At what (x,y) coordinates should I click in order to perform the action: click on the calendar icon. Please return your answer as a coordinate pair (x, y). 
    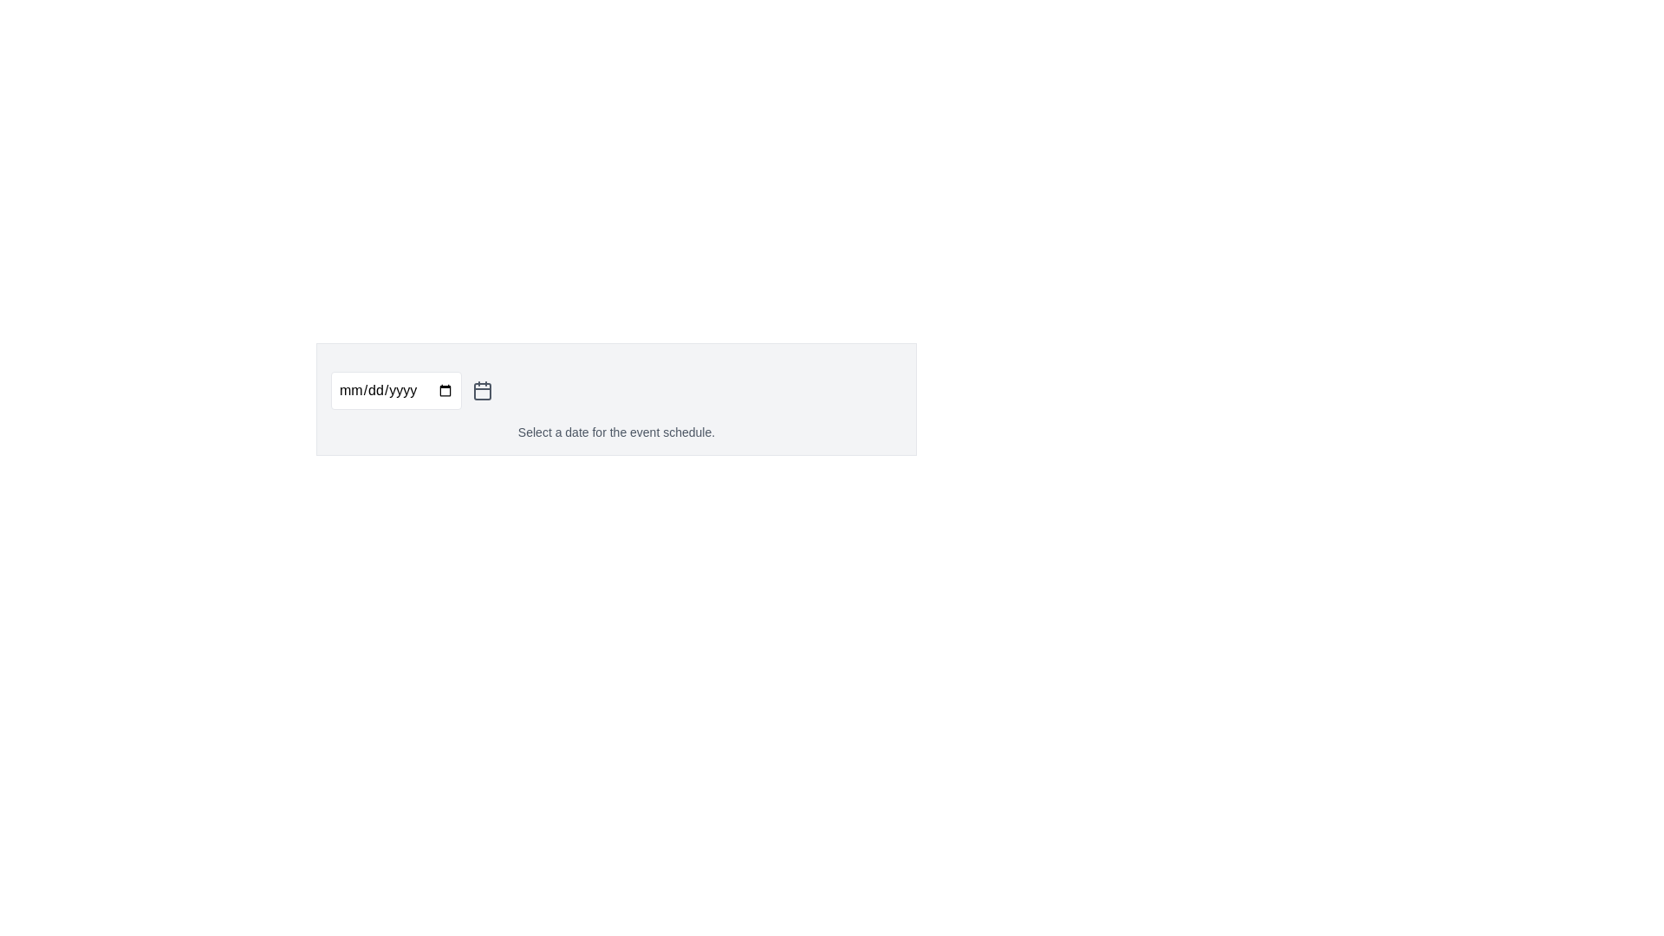
    Looking at the image, I should click on (482, 391).